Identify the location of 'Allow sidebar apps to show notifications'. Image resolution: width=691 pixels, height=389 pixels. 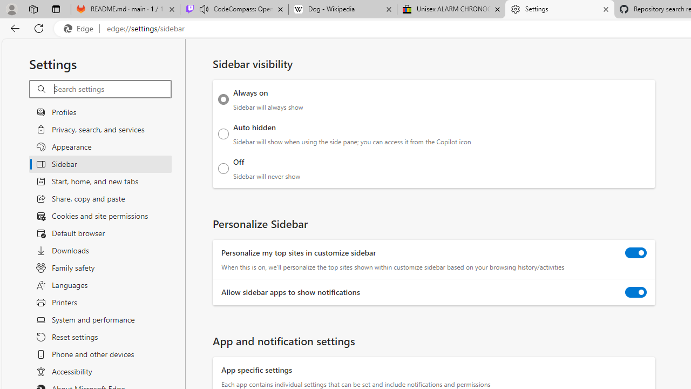
(636, 292).